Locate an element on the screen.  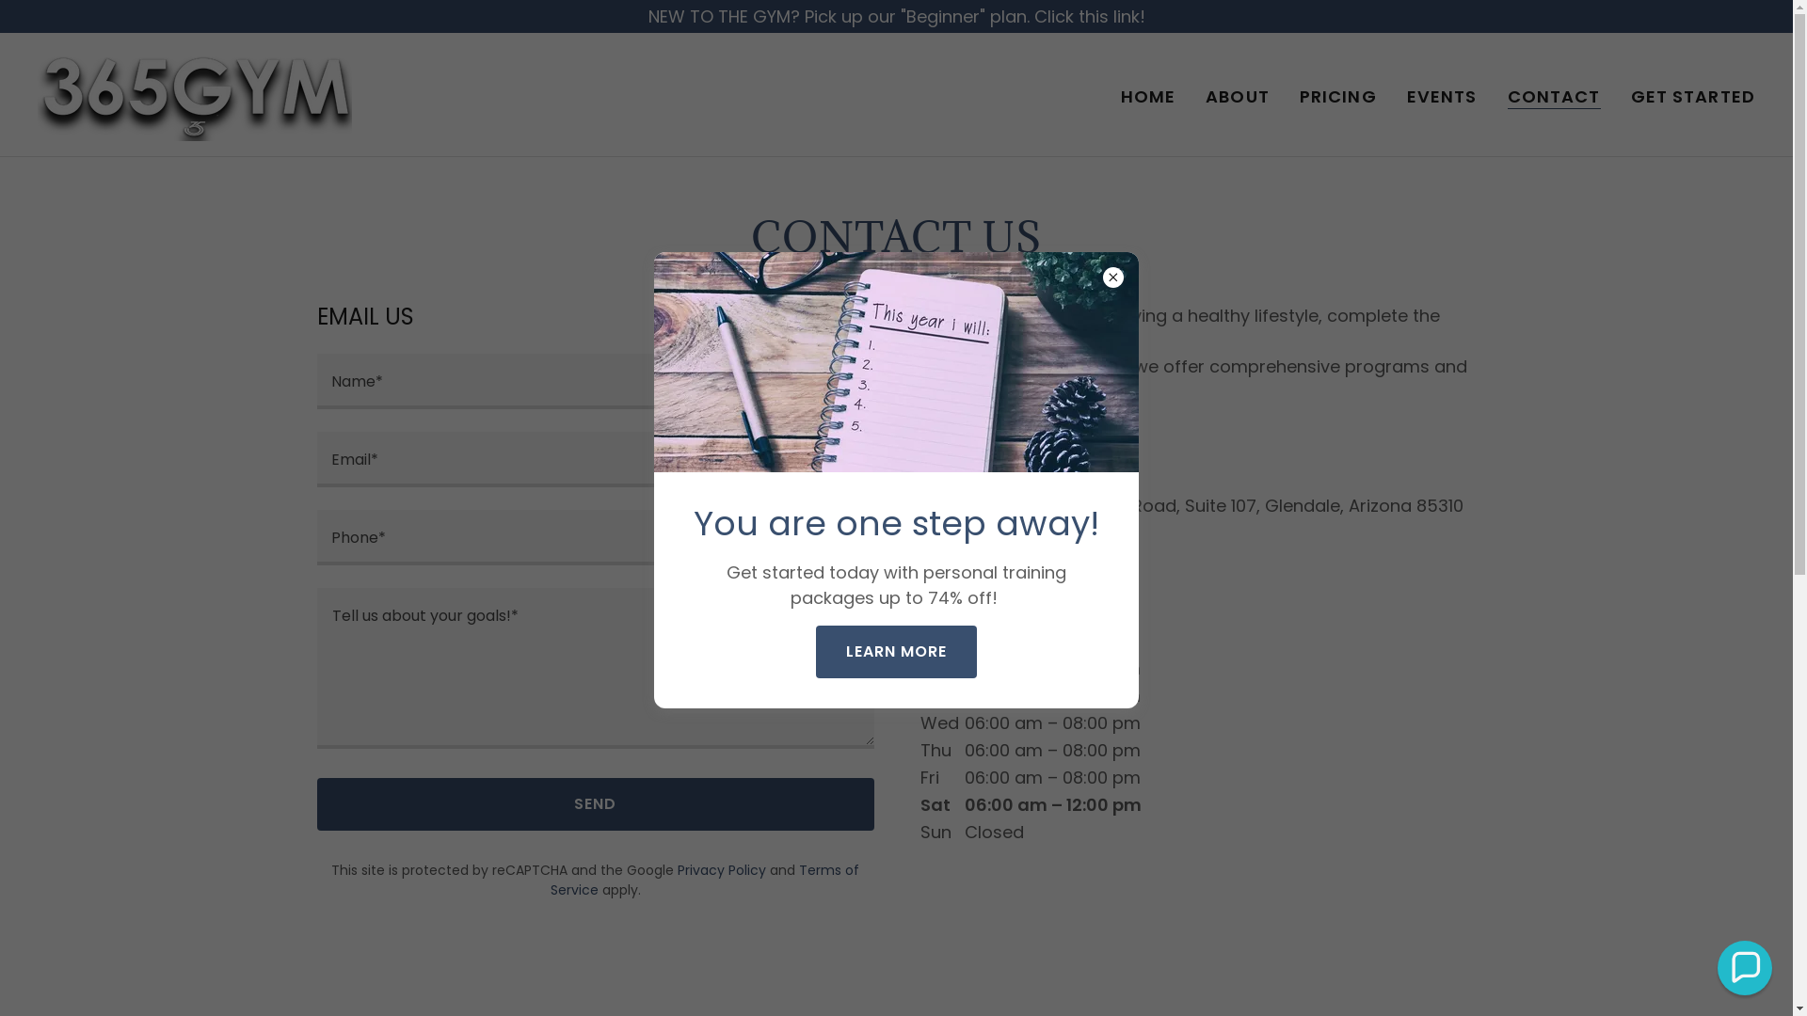
'CONTACT' is located at coordinates (1554, 97).